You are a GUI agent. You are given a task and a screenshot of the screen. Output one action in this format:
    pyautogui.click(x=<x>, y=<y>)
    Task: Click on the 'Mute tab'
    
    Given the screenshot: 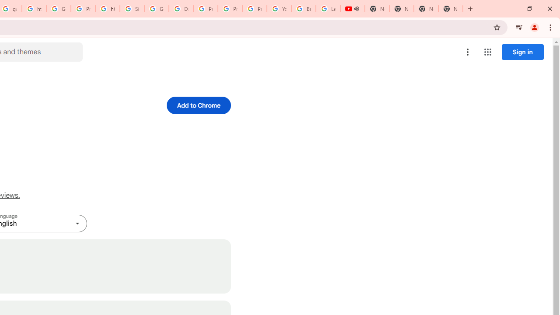 What is the action you would take?
    pyautogui.click(x=356, y=9)
    